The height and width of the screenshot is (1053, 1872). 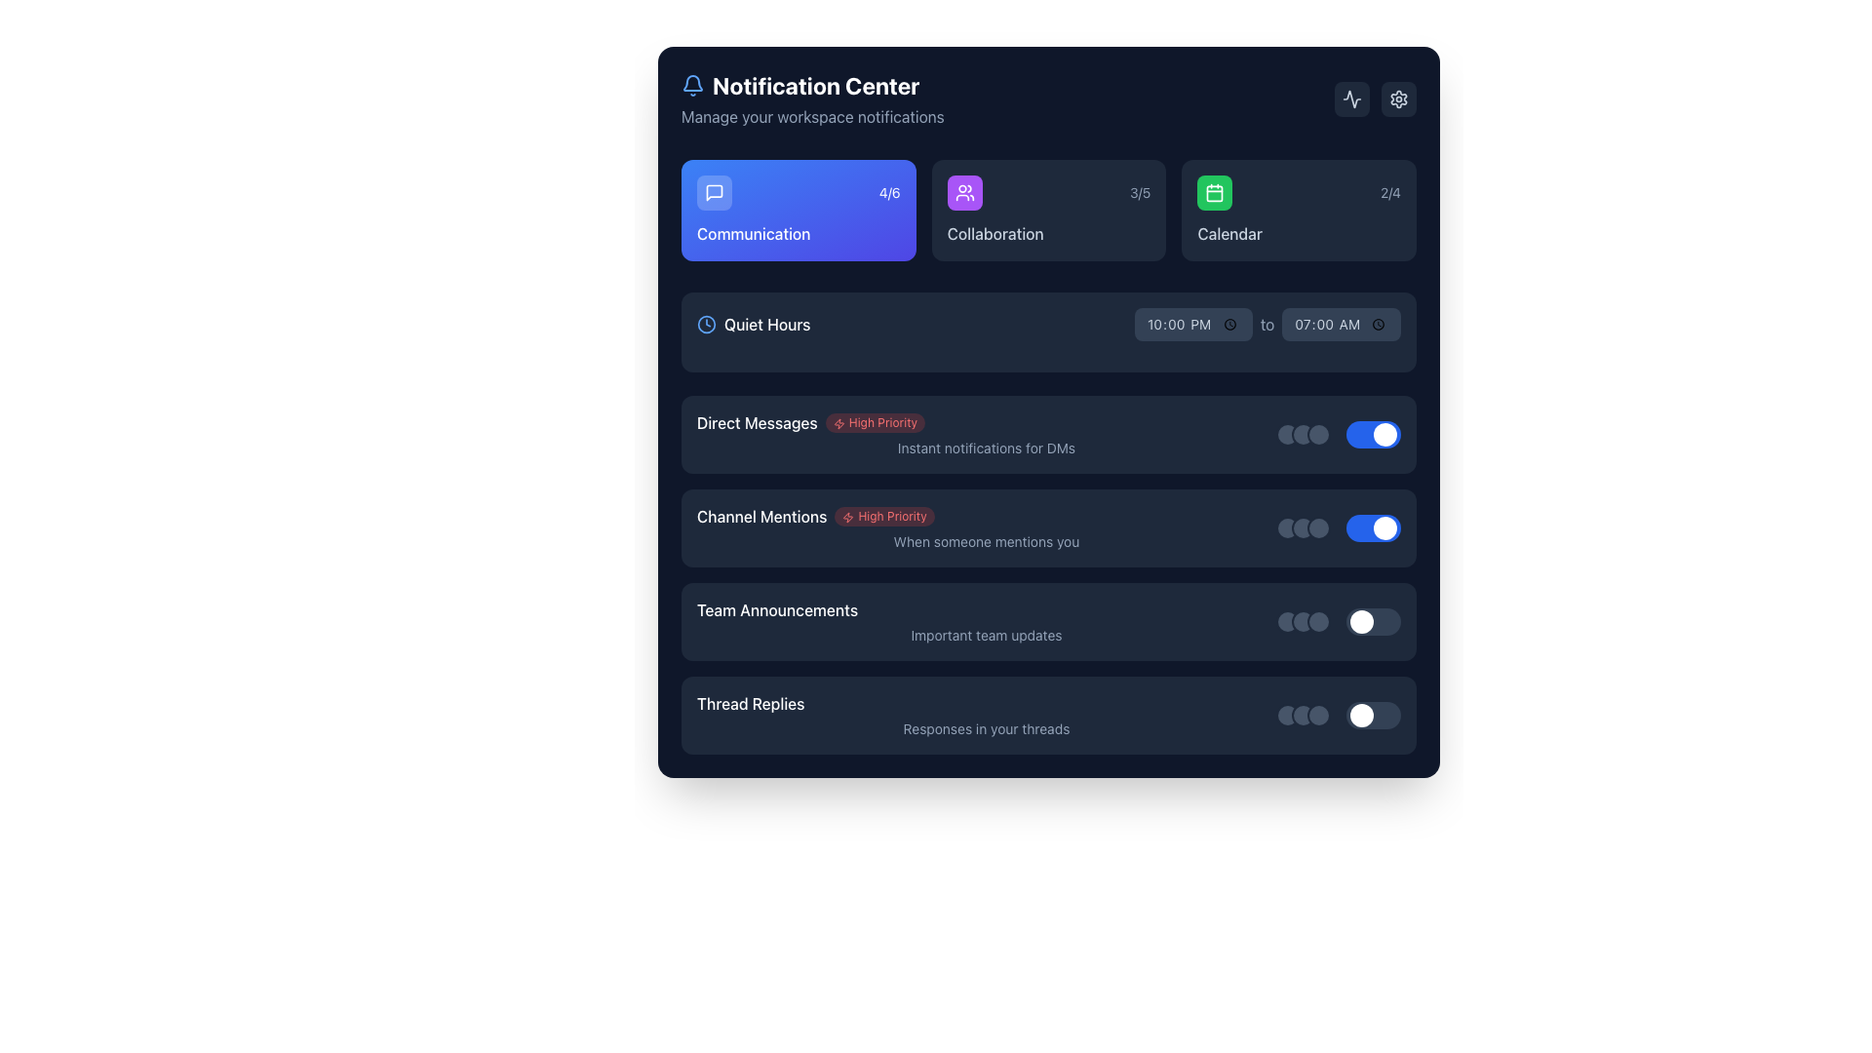 I want to click on the calendar icon located on the right-hand side of the interface, so click(x=1214, y=192).